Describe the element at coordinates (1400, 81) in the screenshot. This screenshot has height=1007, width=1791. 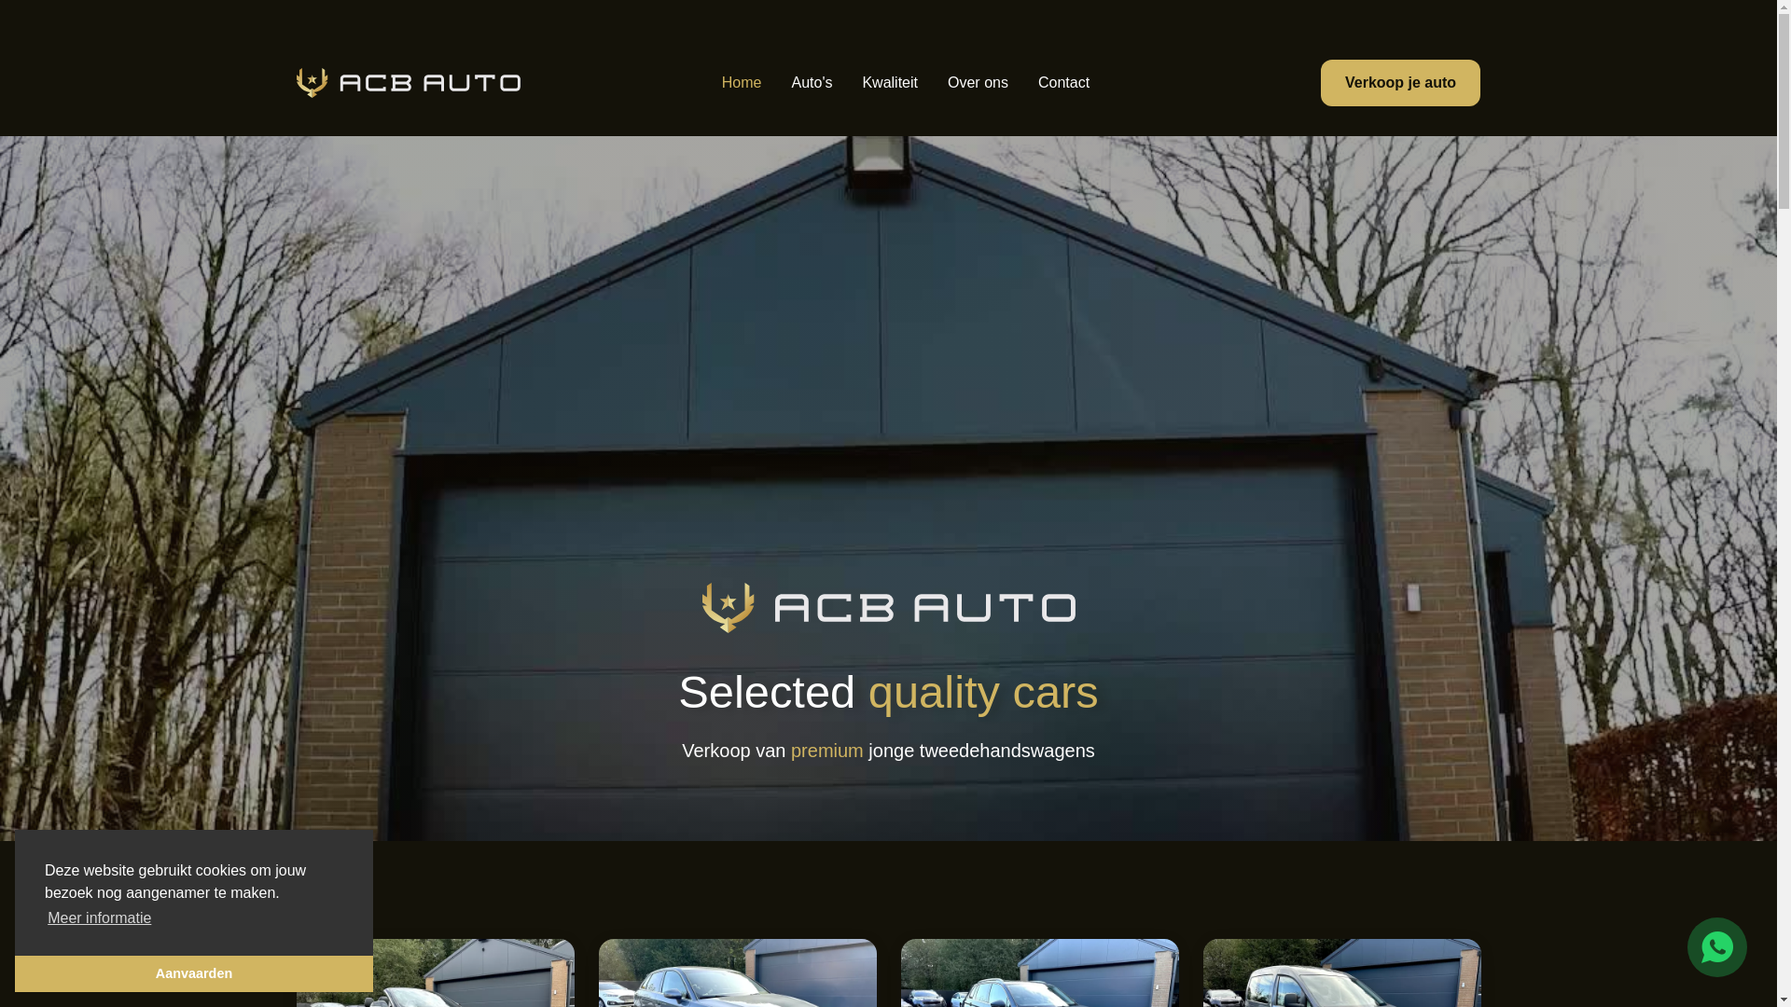
I see `'Verkoop je auto'` at that location.